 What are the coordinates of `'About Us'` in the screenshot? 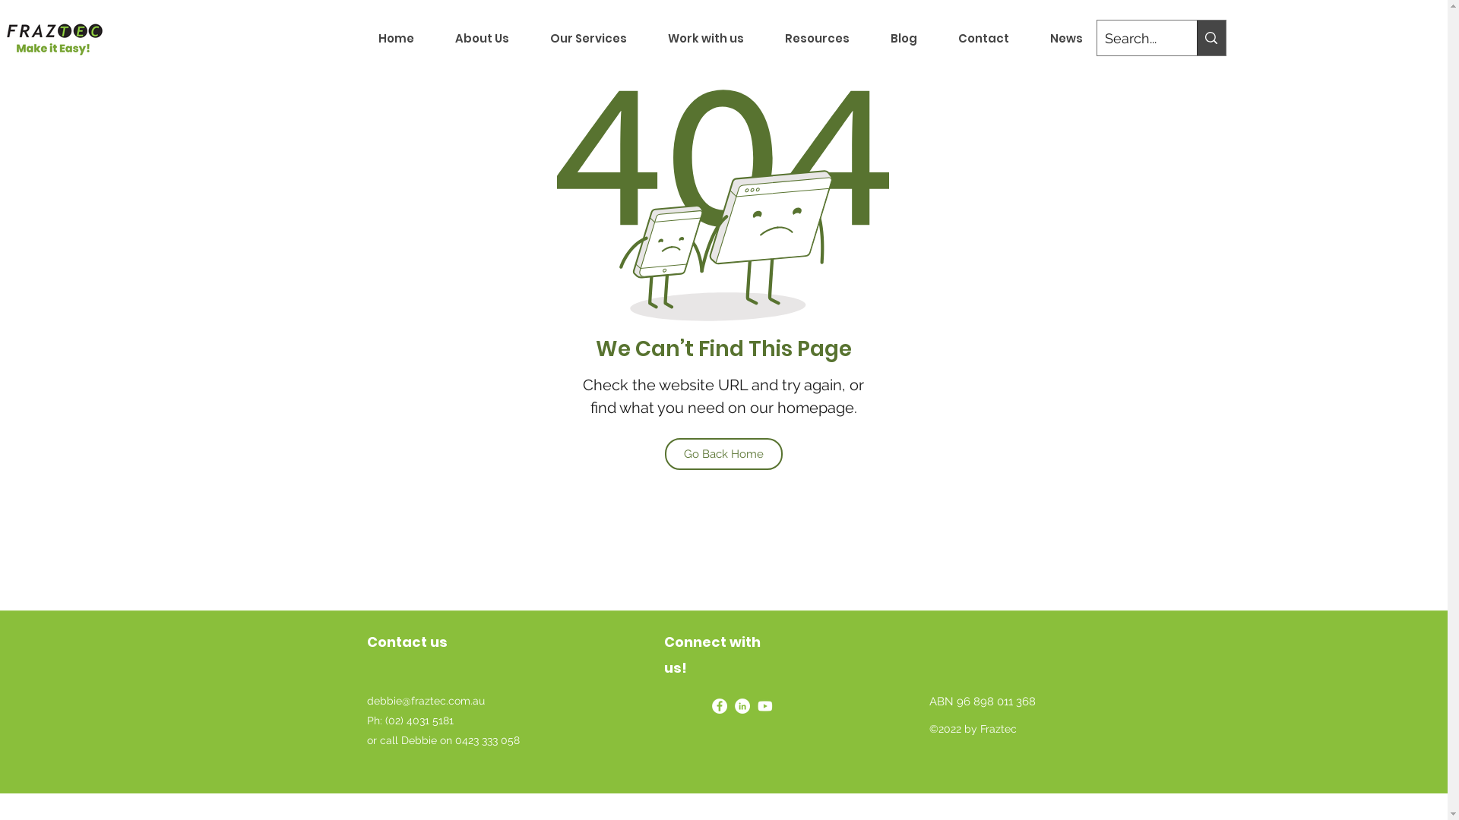 It's located at (481, 37).